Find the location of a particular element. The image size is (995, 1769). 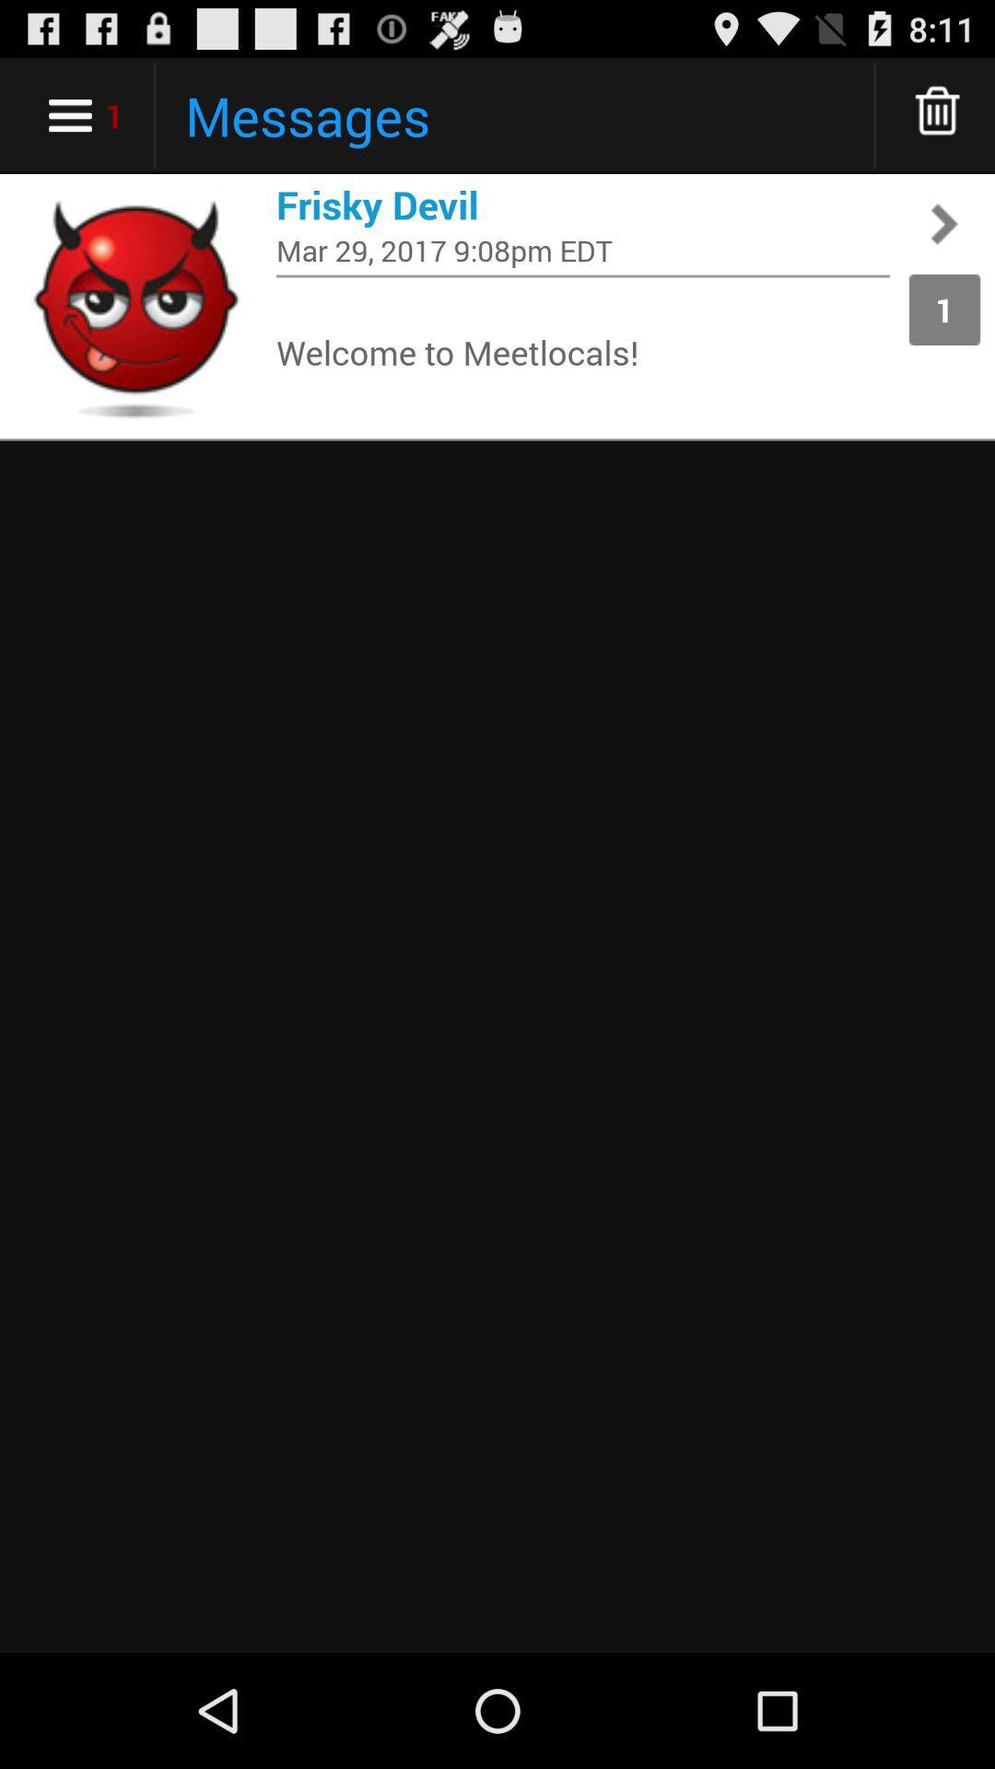

the app above welcome to meetlocals is located at coordinates (582, 275).